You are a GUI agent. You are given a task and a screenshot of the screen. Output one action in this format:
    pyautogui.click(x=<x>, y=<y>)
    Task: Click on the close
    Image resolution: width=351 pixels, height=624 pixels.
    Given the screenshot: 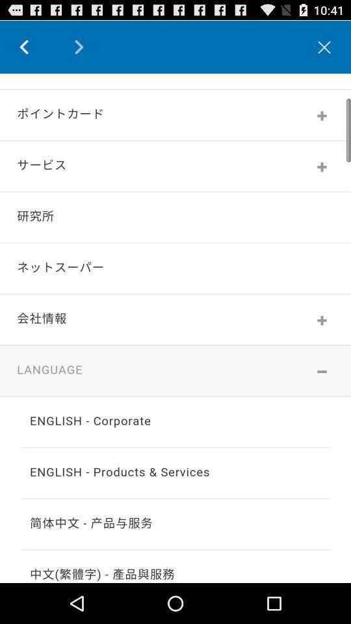 What is the action you would take?
    pyautogui.click(x=324, y=47)
    